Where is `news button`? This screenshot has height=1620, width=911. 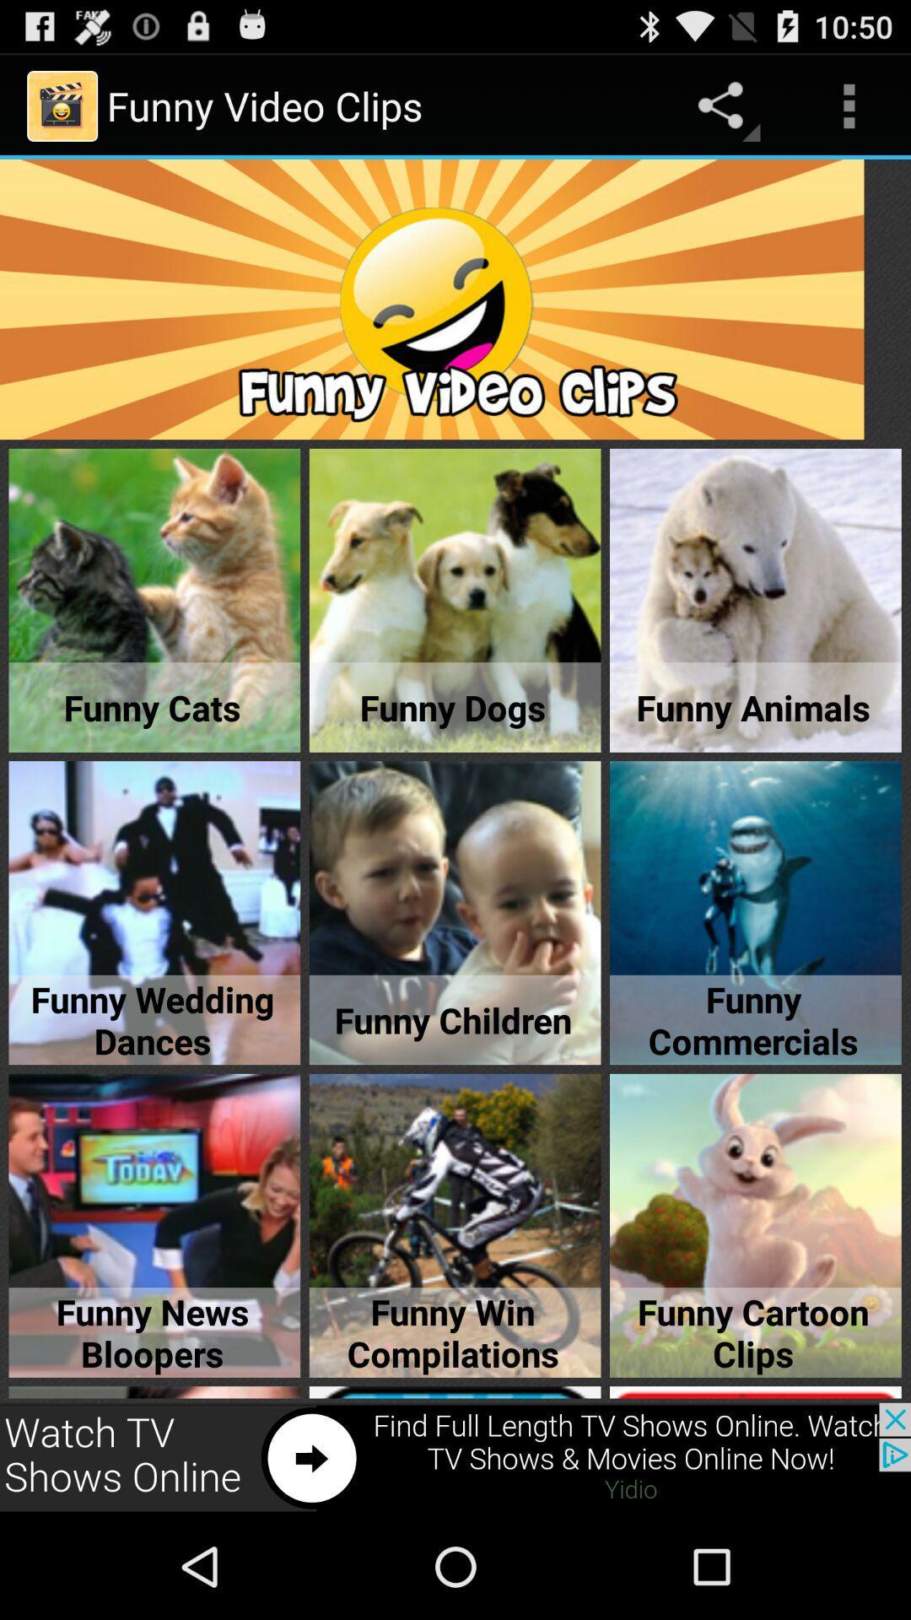 news button is located at coordinates (455, 1457).